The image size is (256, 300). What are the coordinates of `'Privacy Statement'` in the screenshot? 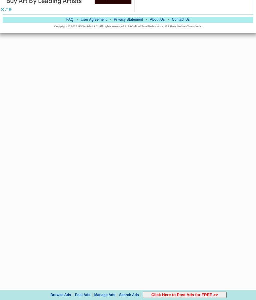 It's located at (113, 19).